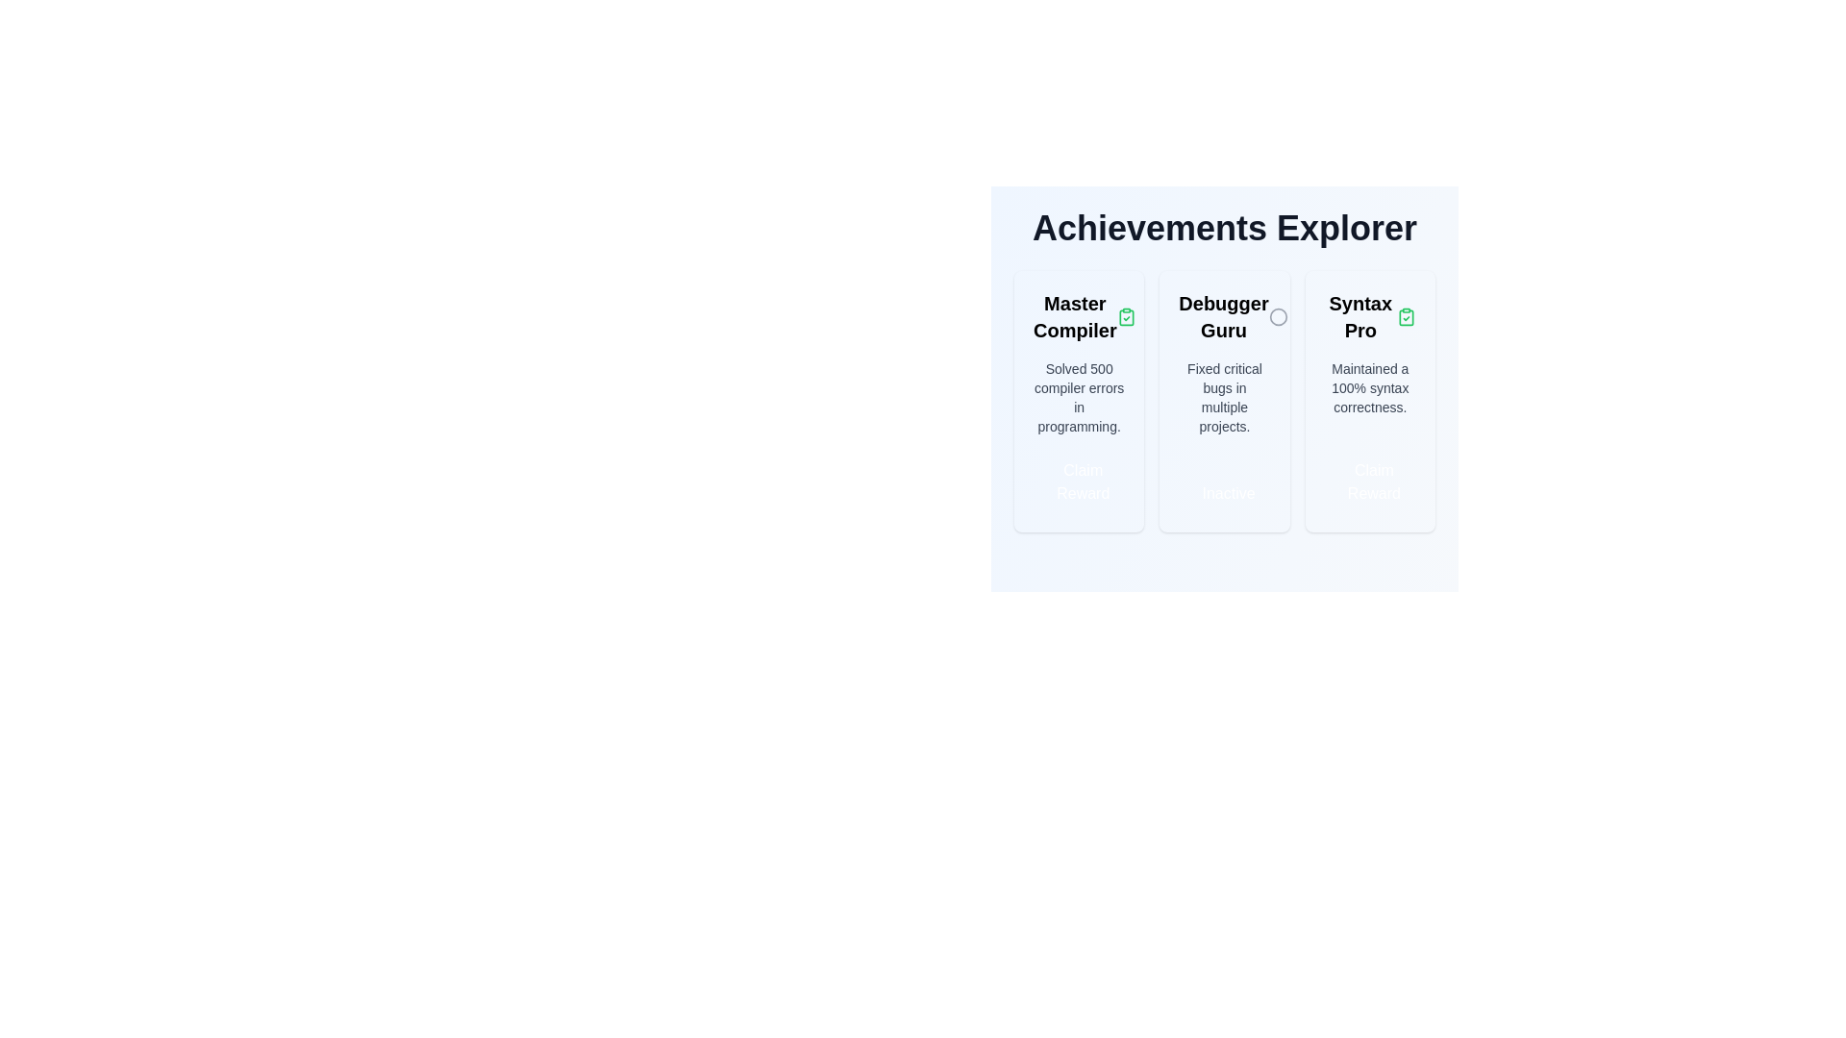  I want to click on the 'Master Compiler' label, which is styled with bold typography and located at the top-left corner of its card, so click(1079, 316).